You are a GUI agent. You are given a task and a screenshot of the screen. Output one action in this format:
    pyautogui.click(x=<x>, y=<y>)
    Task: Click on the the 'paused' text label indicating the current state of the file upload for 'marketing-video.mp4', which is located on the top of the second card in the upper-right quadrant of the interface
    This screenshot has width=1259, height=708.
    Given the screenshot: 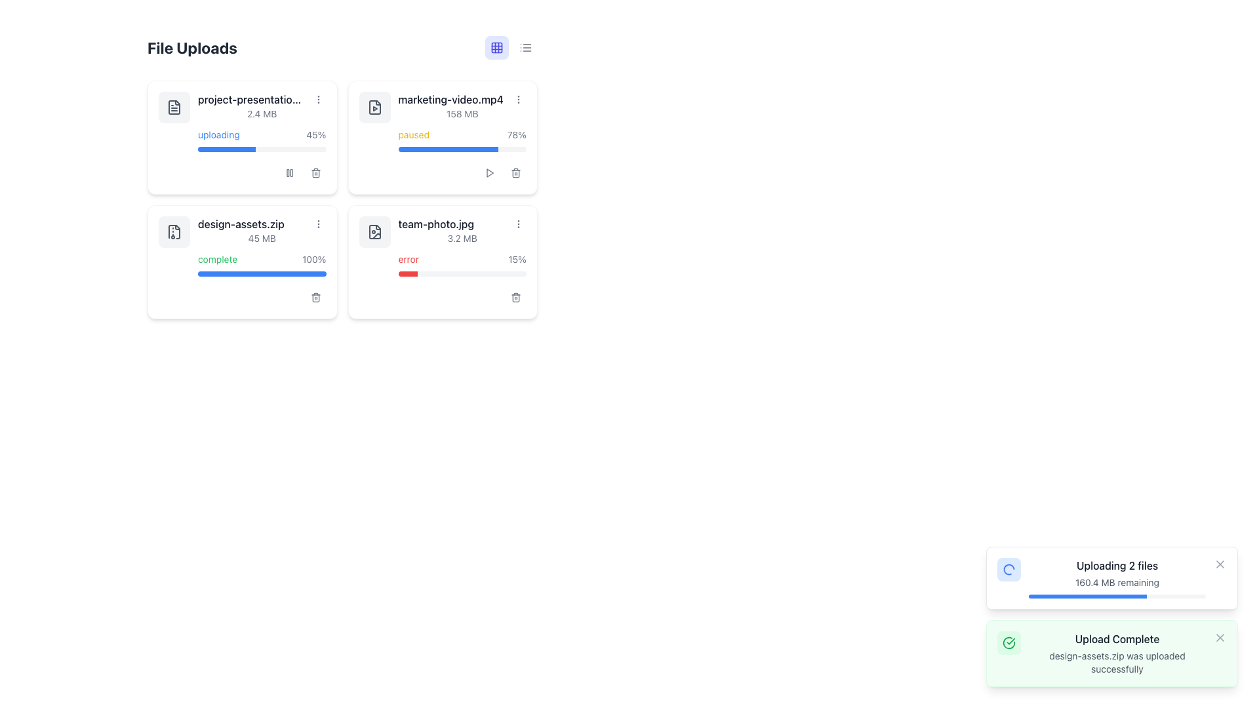 What is the action you would take?
    pyautogui.click(x=413, y=134)
    